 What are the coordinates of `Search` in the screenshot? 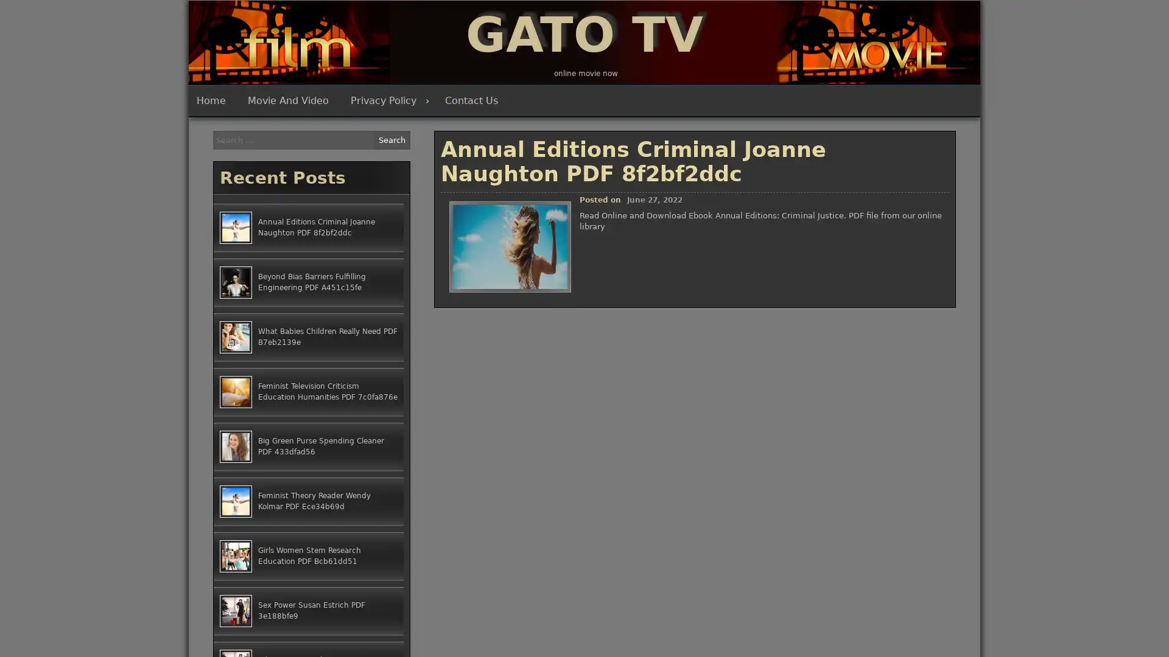 It's located at (391, 139).